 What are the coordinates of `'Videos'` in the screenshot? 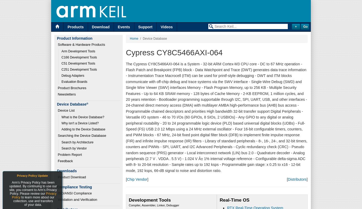 It's located at (166, 27).